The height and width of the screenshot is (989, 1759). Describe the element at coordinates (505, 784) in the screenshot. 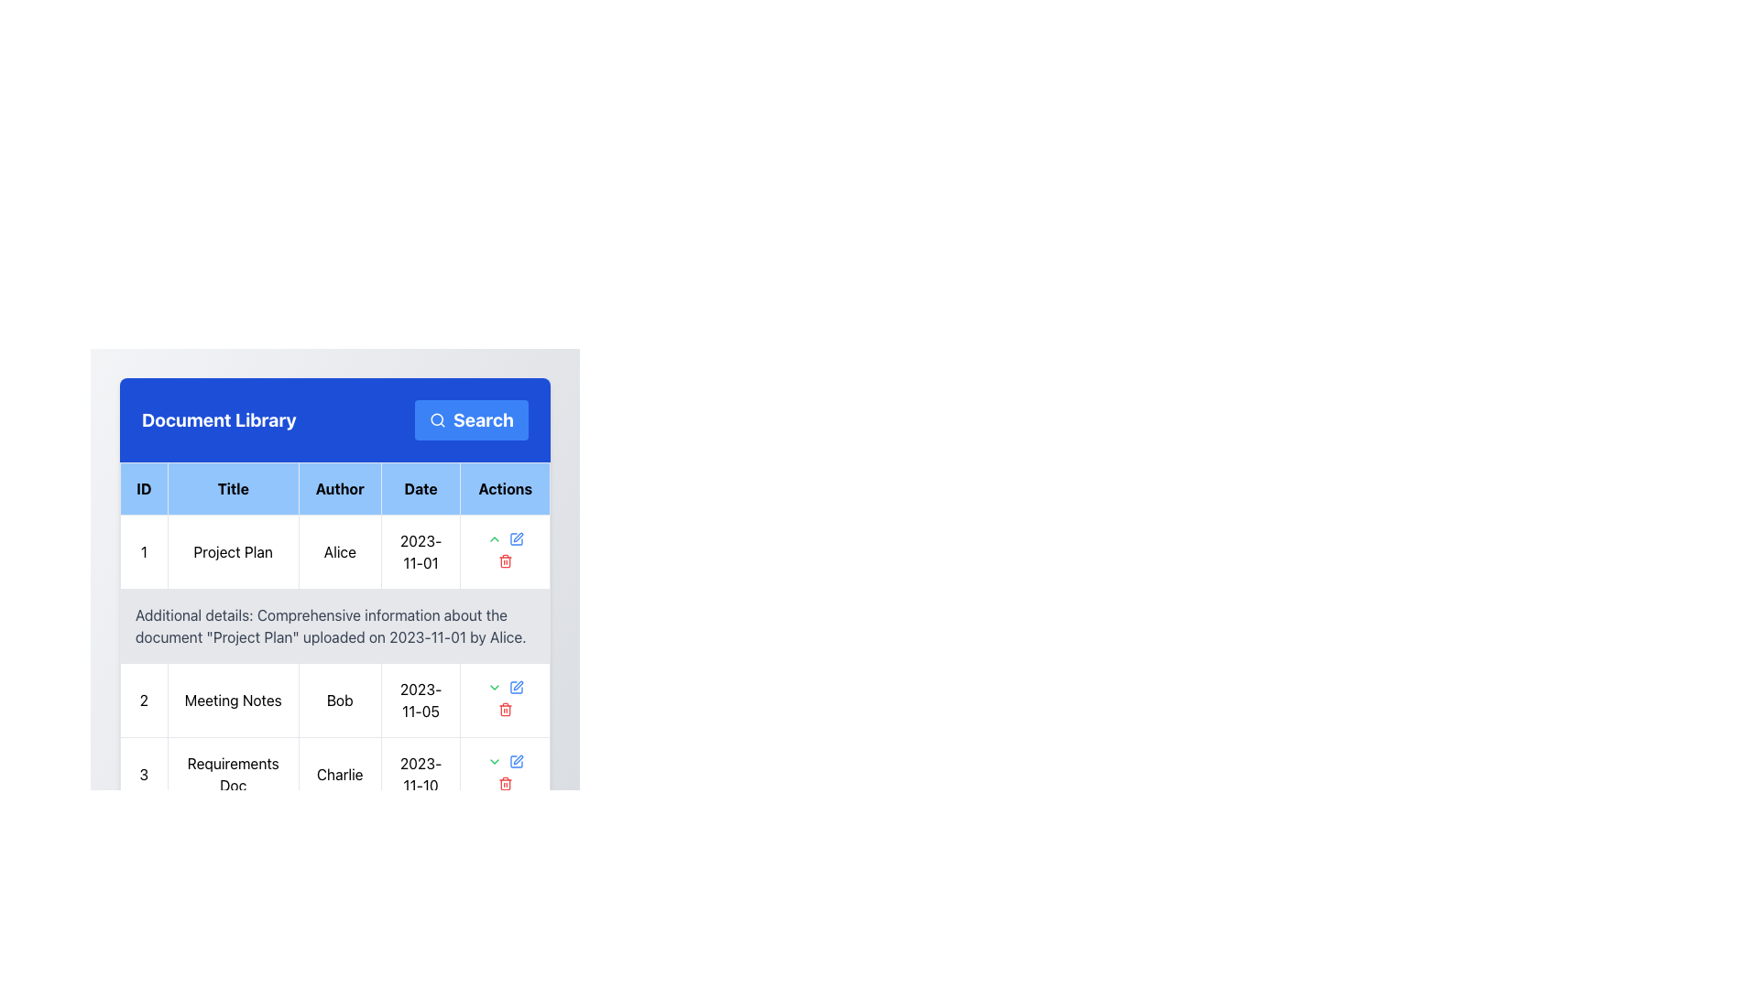

I see `the trash can icon representing the delete action for the document titled 'Project Plan' in the 'Actions' column of the document table` at that location.